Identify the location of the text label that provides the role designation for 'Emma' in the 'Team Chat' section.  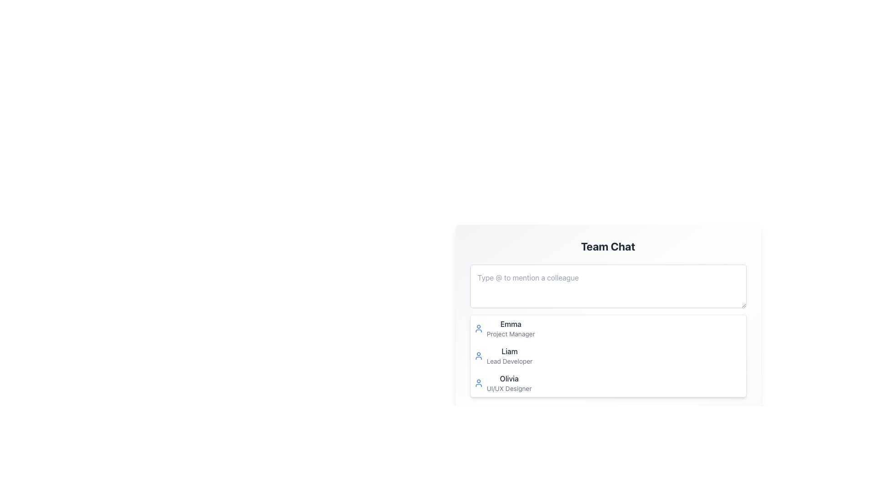
(511, 334).